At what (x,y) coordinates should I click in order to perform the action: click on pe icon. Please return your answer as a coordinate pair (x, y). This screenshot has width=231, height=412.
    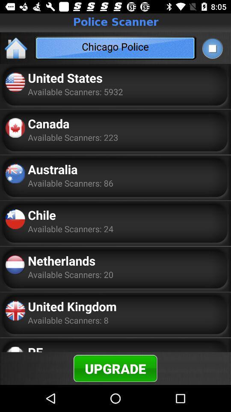
    Looking at the image, I should click on (35, 348).